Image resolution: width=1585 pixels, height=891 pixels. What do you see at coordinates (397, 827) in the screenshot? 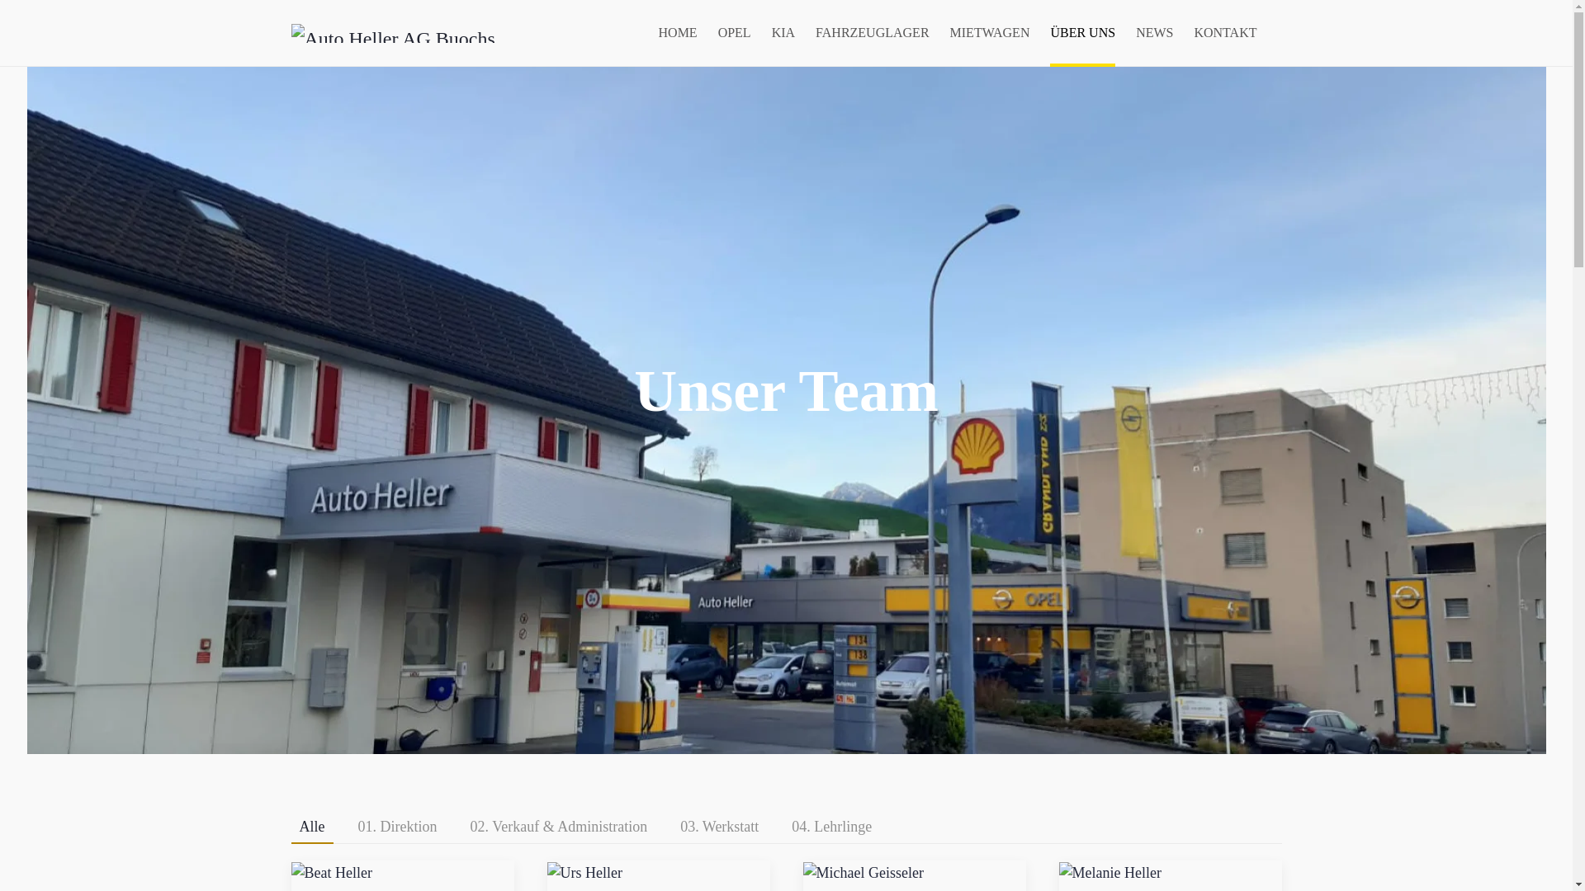
I see `'01. Direktion'` at bounding box center [397, 827].